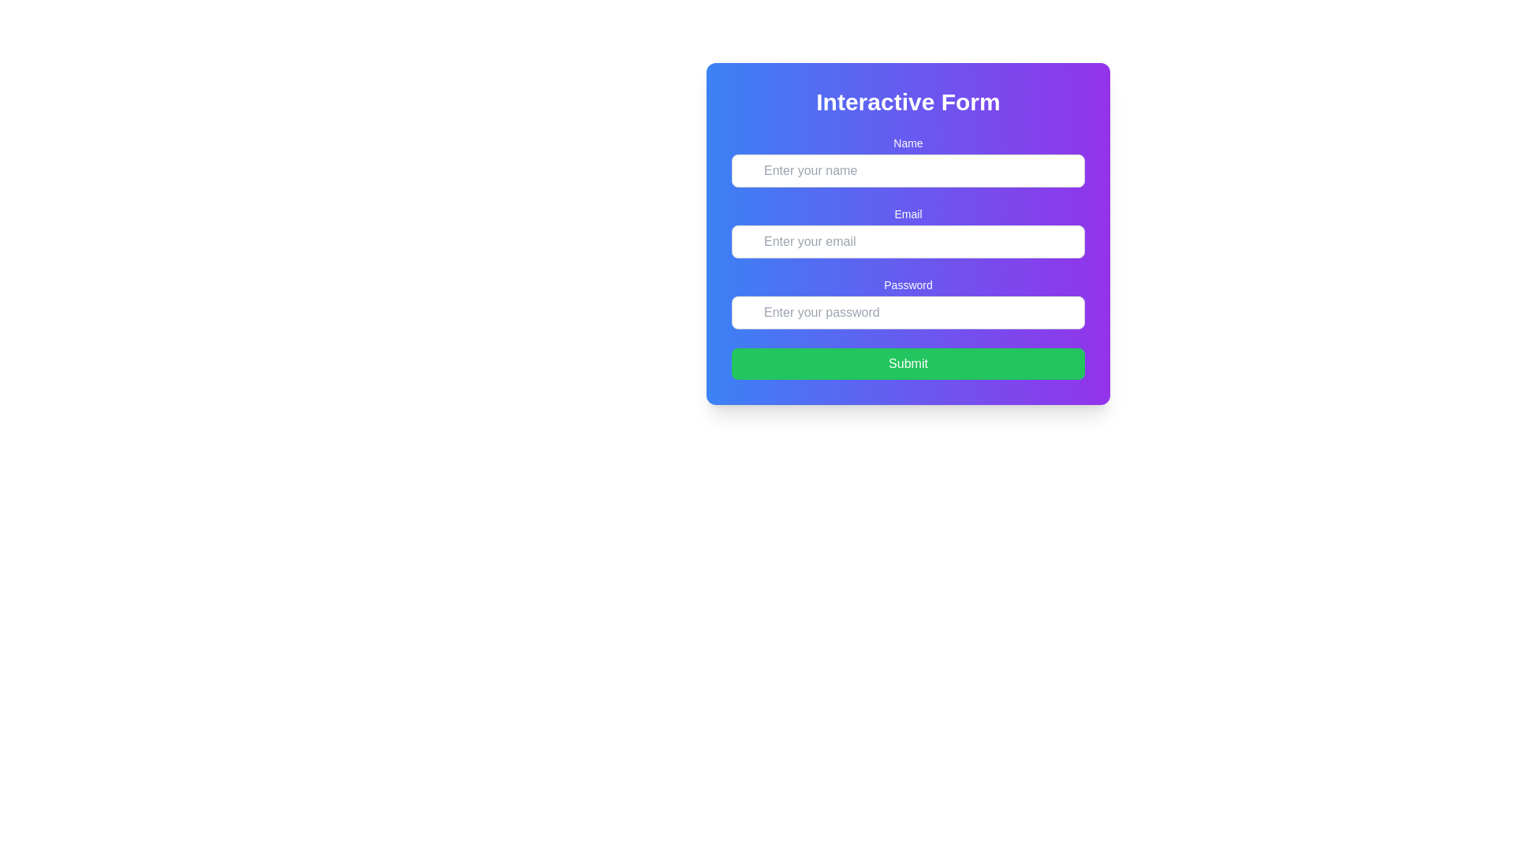 Image resolution: width=1514 pixels, height=851 pixels. What do you see at coordinates (908, 285) in the screenshot?
I see `the 'Password' label, which is displayed in white font on a purple gradient background and positioned above the password input field in the third section of the form` at bounding box center [908, 285].